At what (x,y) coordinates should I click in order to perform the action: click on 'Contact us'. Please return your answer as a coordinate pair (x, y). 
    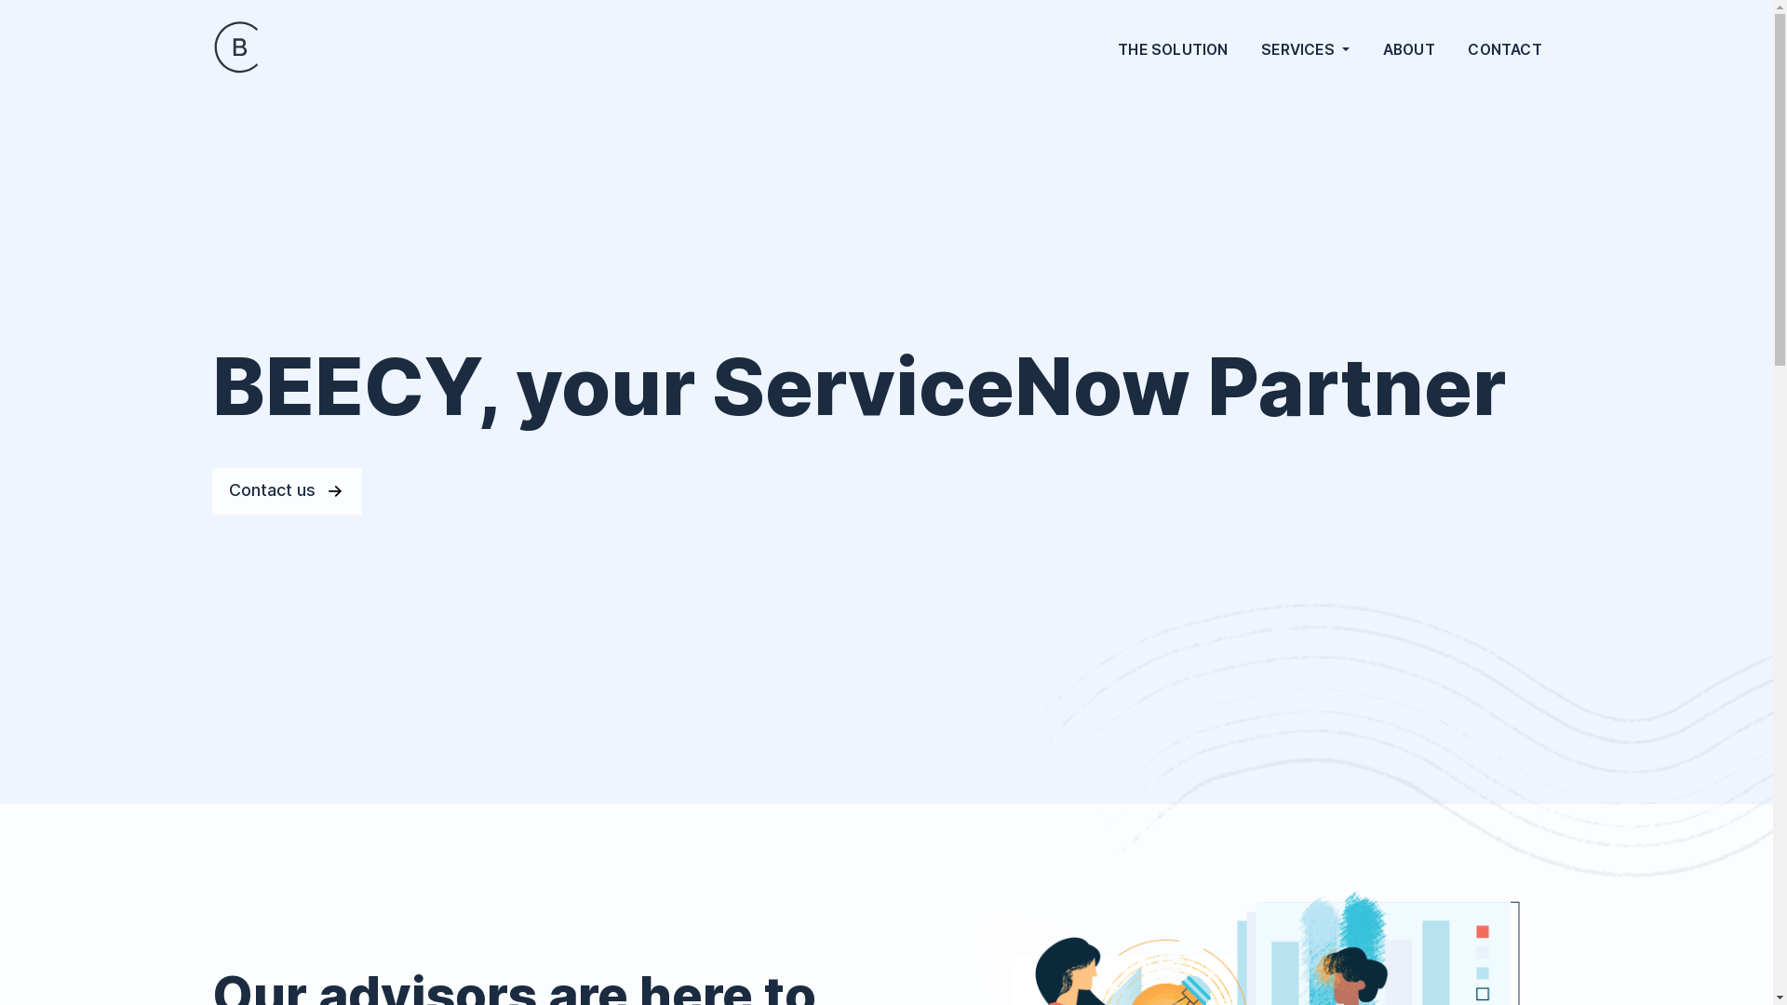
    Looking at the image, I should click on (286, 490).